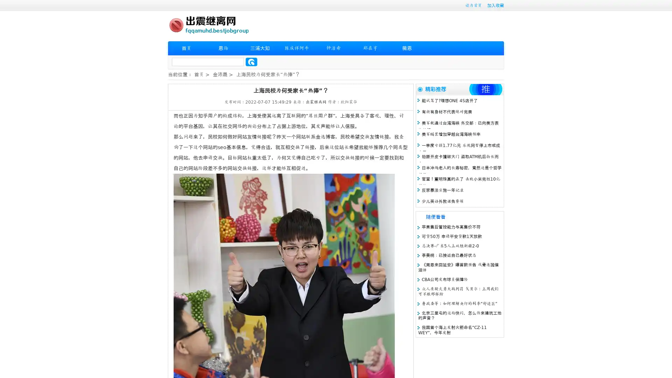 This screenshot has height=378, width=672. Describe the element at coordinates (251, 62) in the screenshot. I see `Search` at that location.